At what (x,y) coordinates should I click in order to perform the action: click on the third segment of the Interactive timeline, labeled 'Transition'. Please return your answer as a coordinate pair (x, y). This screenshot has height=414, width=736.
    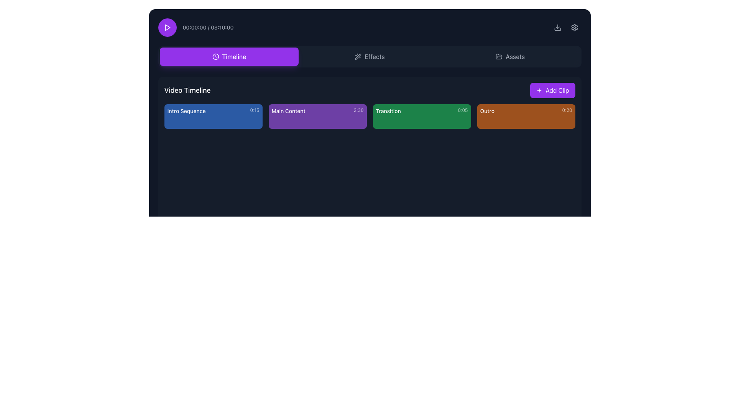
    Looking at the image, I should click on (421, 117).